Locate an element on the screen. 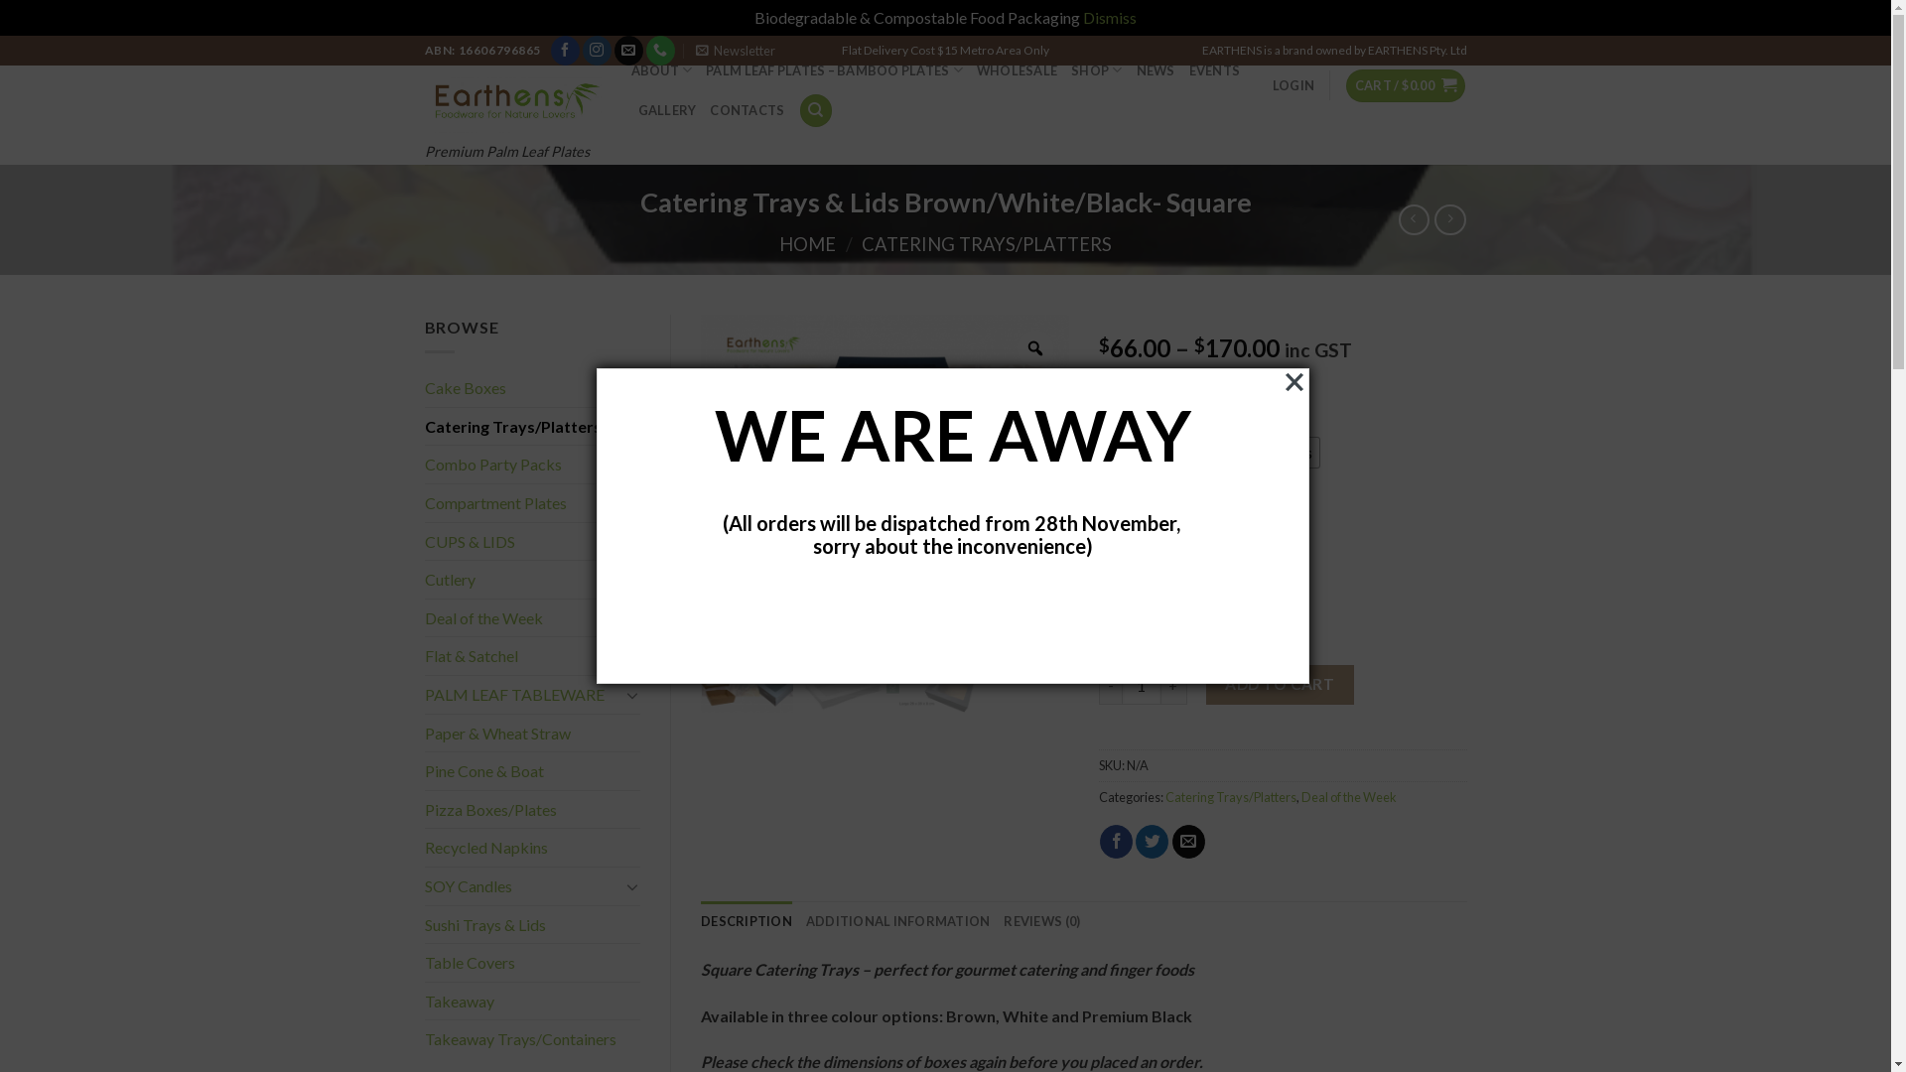 The height and width of the screenshot is (1072, 1906). 'Dismiss' is located at coordinates (1109, 17).